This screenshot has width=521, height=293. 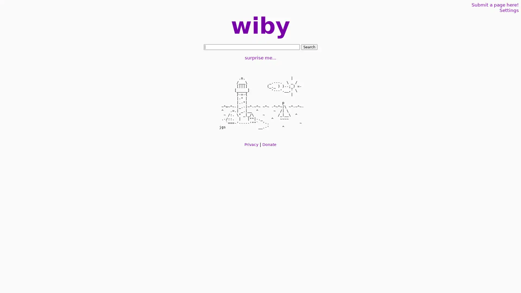 What do you see at coordinates (309, 47) in the screenshot?
I see `Search` at bounding box center [309, 47].